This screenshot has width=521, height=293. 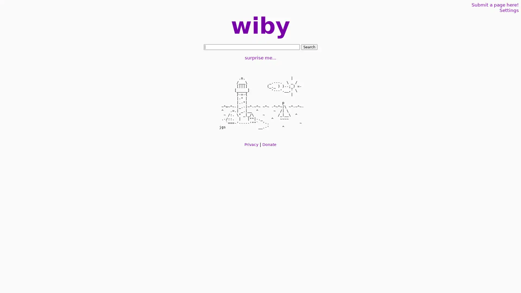 What do you see at coordinates (309, 47) in the screenshot?
I see `Search` at bounding box center [309, 47].